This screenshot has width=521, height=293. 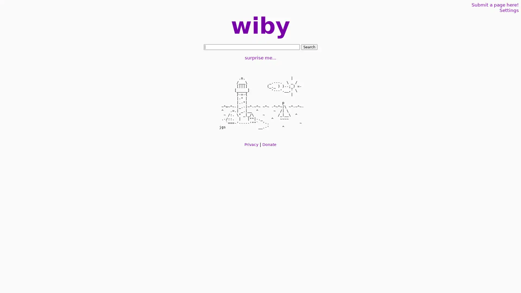 What do you see at coordinates (309, 47) in the screenshot?
I see `Search` at bounding box center [309, 47].